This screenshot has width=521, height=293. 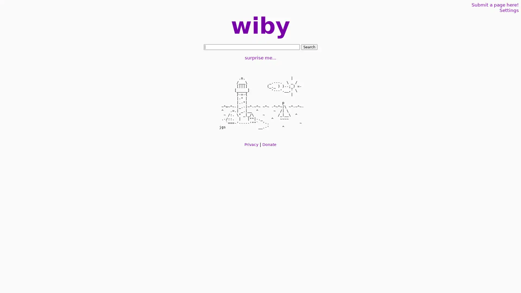 What do you see at coordinates (309, 47) in the screenshot?
I see `Search` at bounding box center [309, 47].